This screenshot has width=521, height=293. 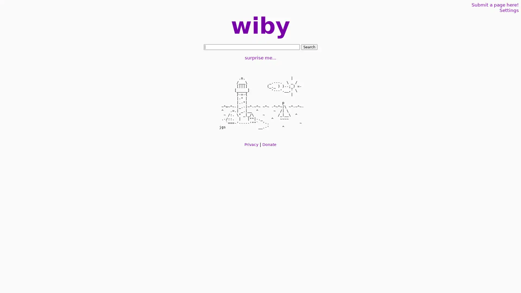 What do you see at coordinates (309, 47) in the screenshot?
I see `Search` at bounding box center [309, 47].